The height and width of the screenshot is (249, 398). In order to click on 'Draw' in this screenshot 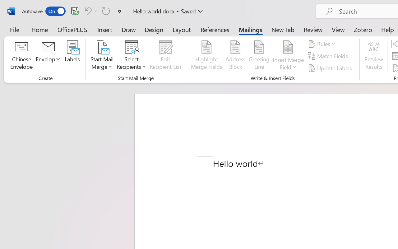, I will do `click(128, 29)`.